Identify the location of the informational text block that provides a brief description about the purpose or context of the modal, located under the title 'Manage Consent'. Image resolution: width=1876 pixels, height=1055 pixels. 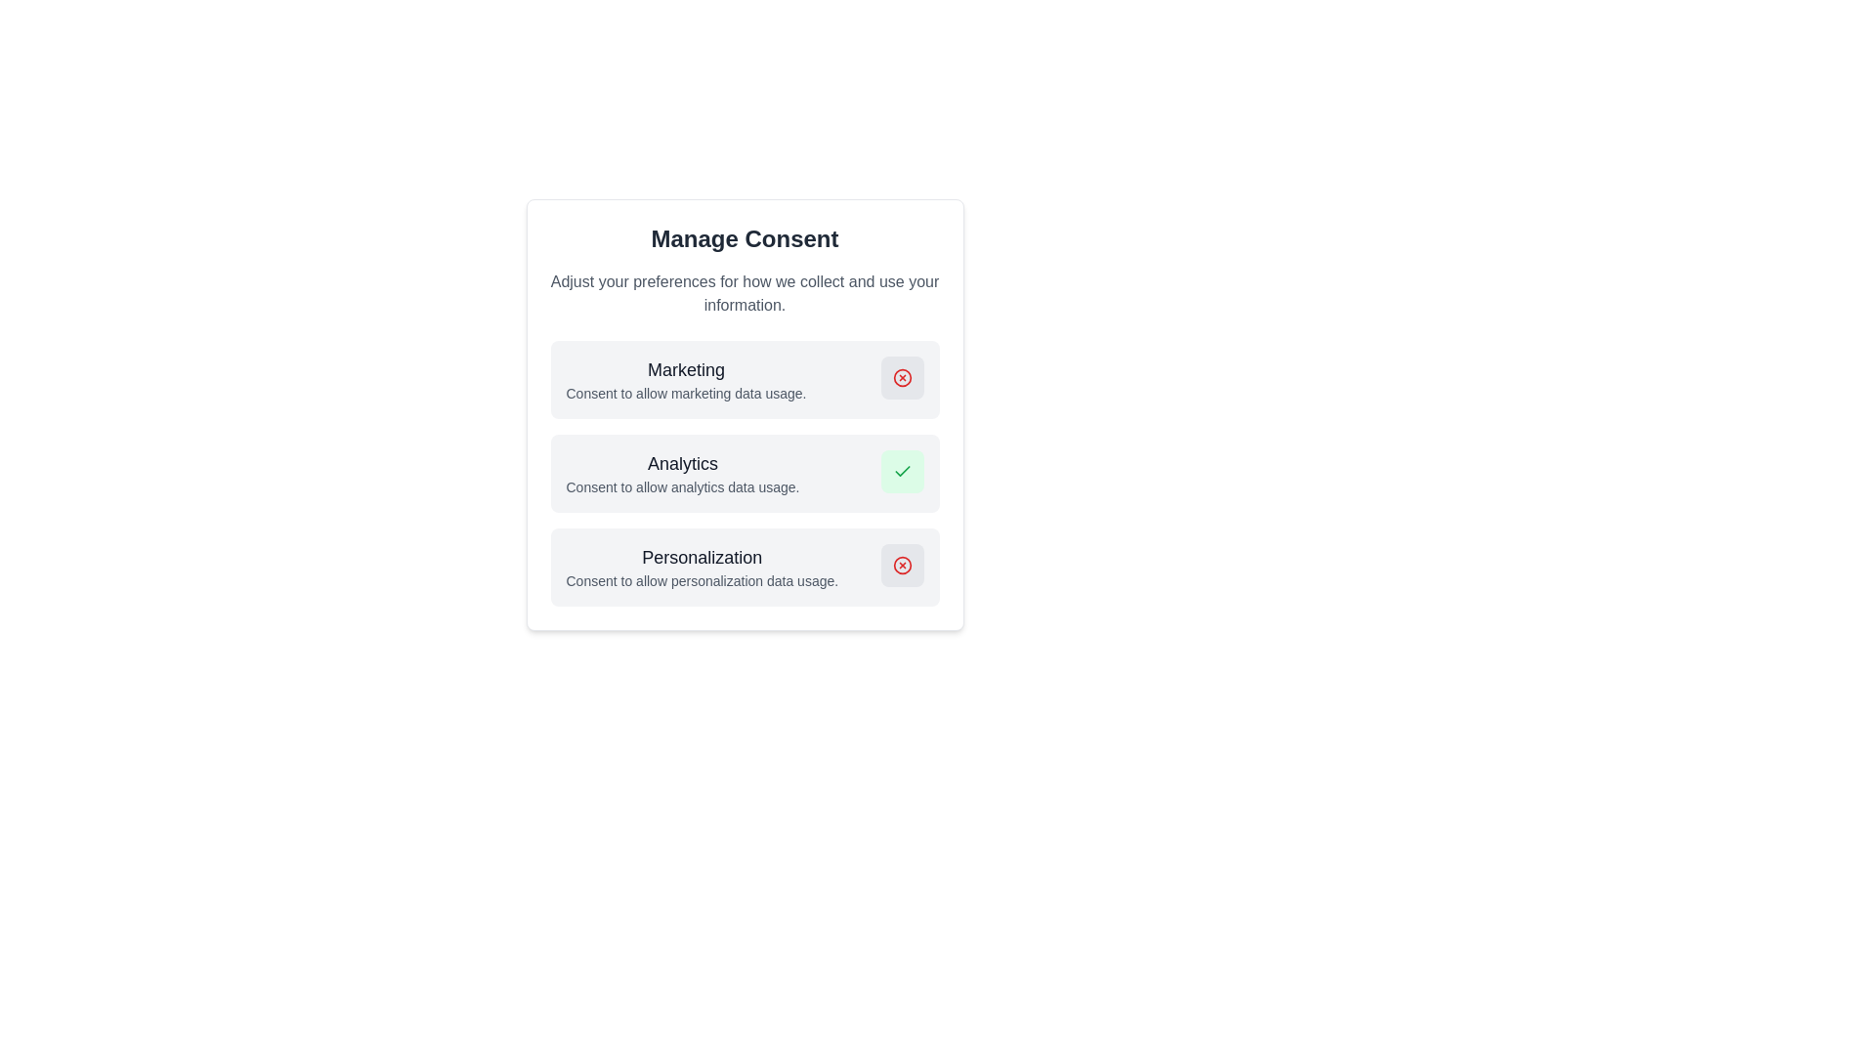
(744, 293).